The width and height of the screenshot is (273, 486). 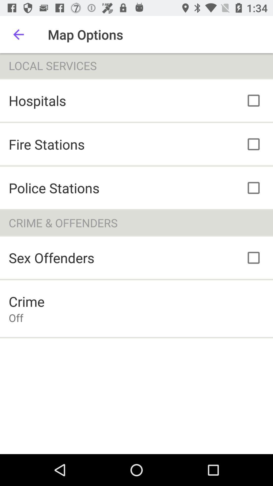 What do you see at coordinates (37, 100) in the screenshot?
I see `item above the fire stations` at bounding box center [37, 100].